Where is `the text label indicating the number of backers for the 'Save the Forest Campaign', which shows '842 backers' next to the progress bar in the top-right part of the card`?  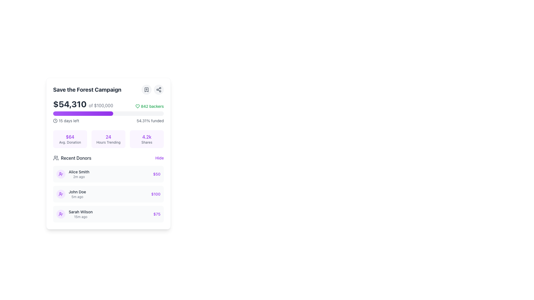 the text label indicating the number of backers for the 'Save the Forest Campaign', which shows '842 backers' next to the progress bar in the top-right part of the card is located at coordinates (152, 106).